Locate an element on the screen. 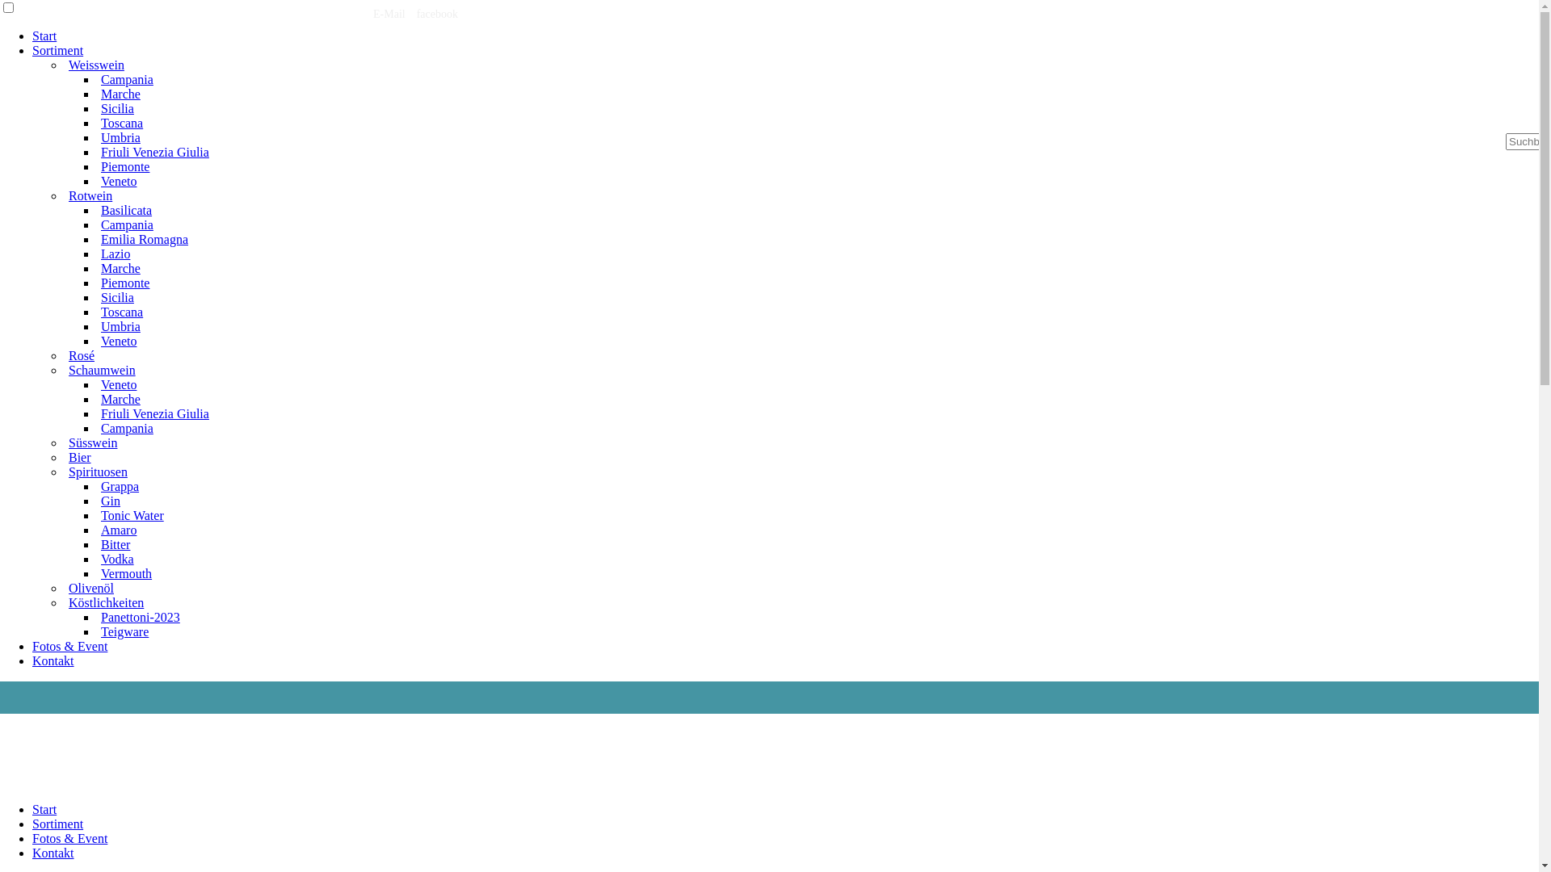  'Veneto' is located at coordinates (118, 181).